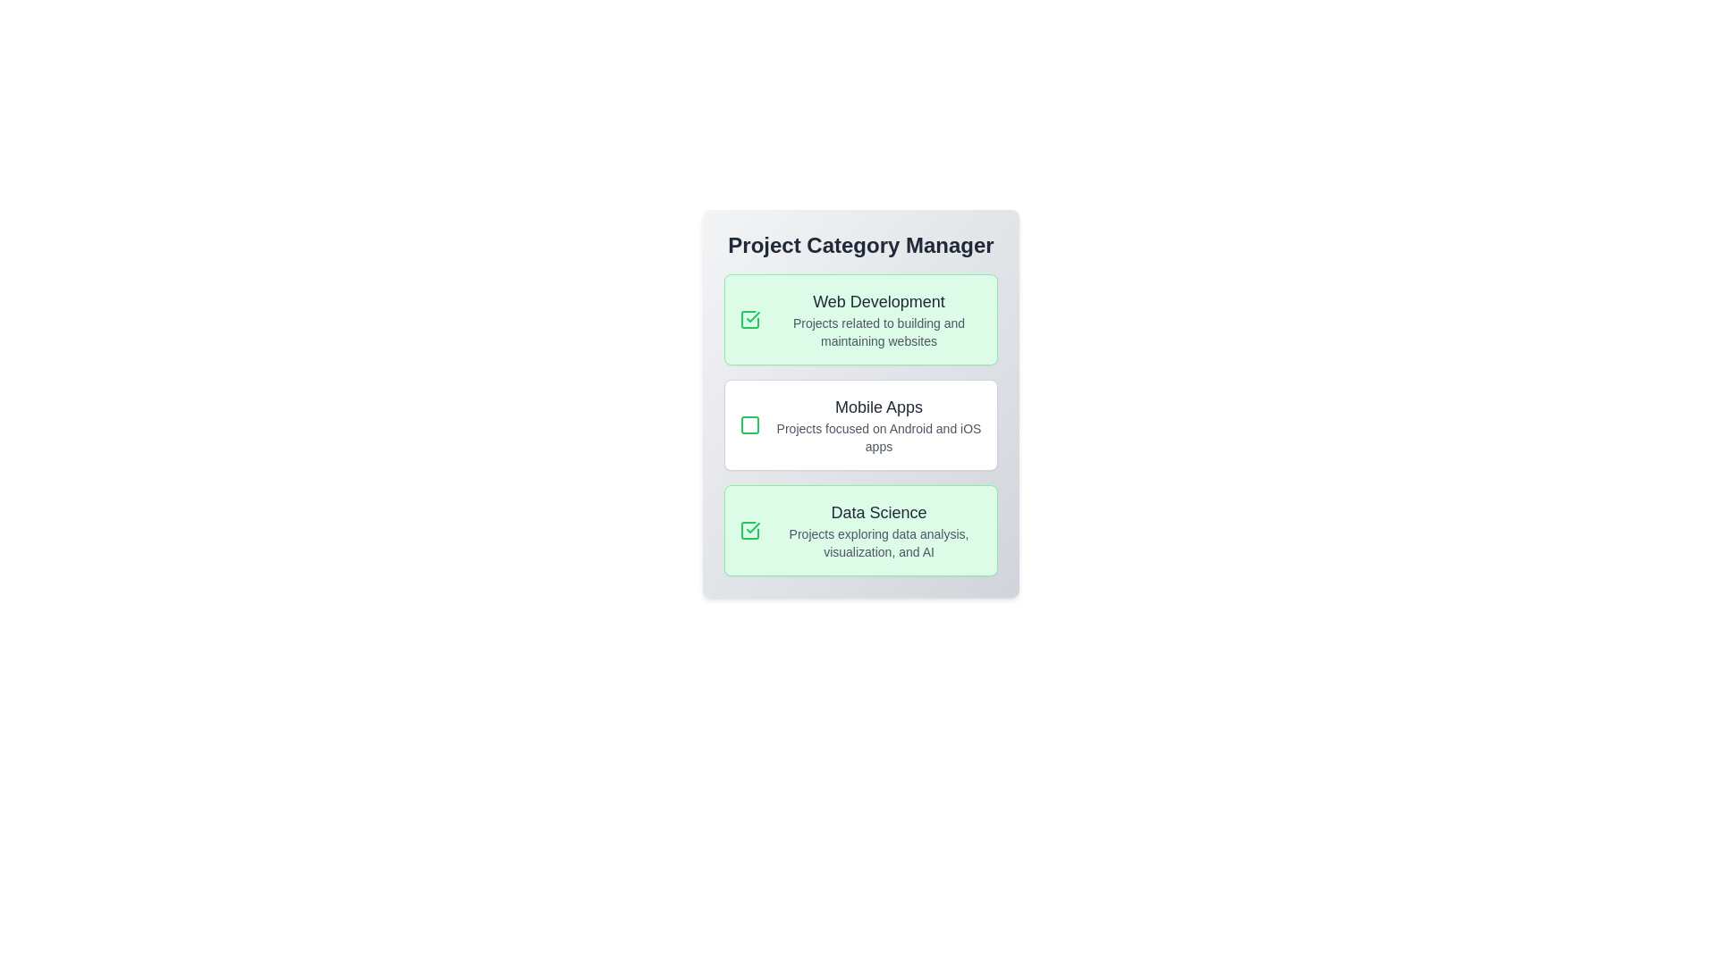  Describe the element at coordinates (750, 424) in the screenshot. I see `the icon associated with the 'Mobile Apps' entry, which is positioned at the start of the second entry in the list` at that location.